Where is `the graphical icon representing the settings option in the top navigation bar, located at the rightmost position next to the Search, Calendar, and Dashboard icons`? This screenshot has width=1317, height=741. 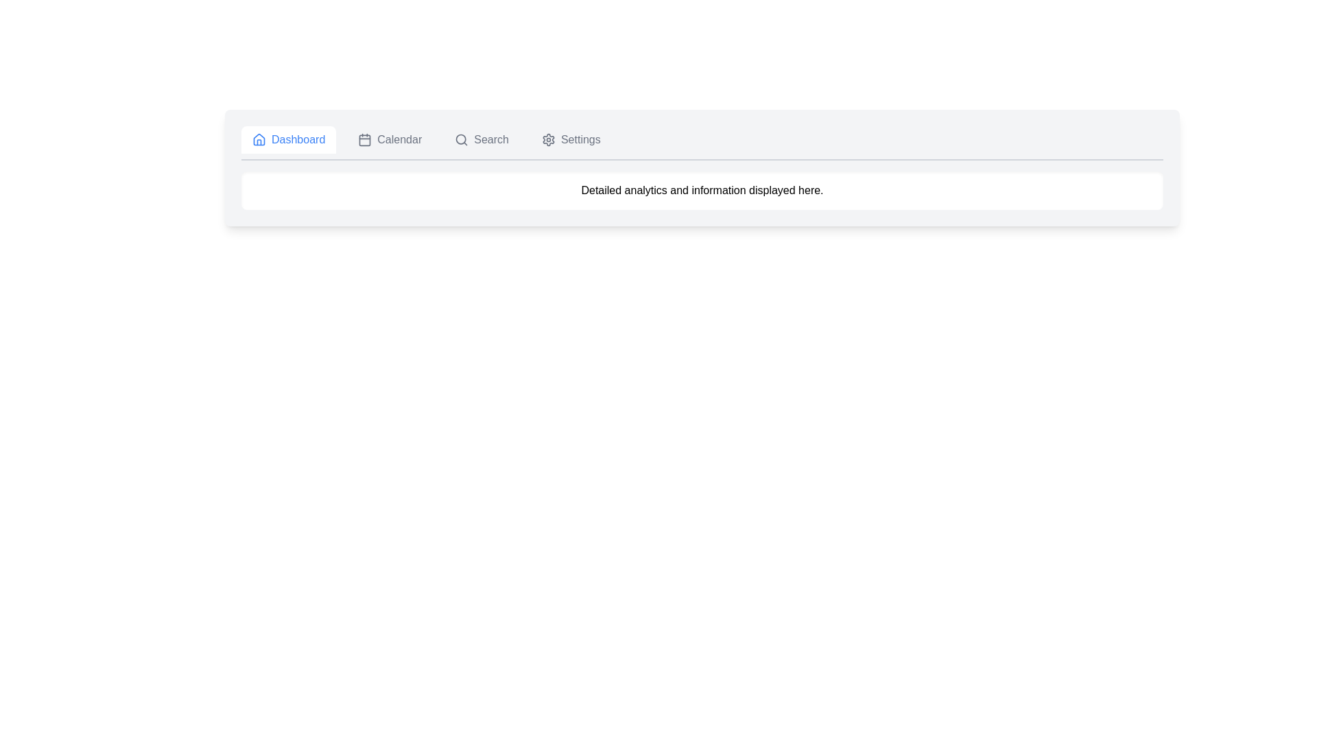 the graphical icon representing the settings option in the top navigation bar, located at the rightmost position next to the Search, Calendar, and Dashboard icons is located at coordinates (547, 140).